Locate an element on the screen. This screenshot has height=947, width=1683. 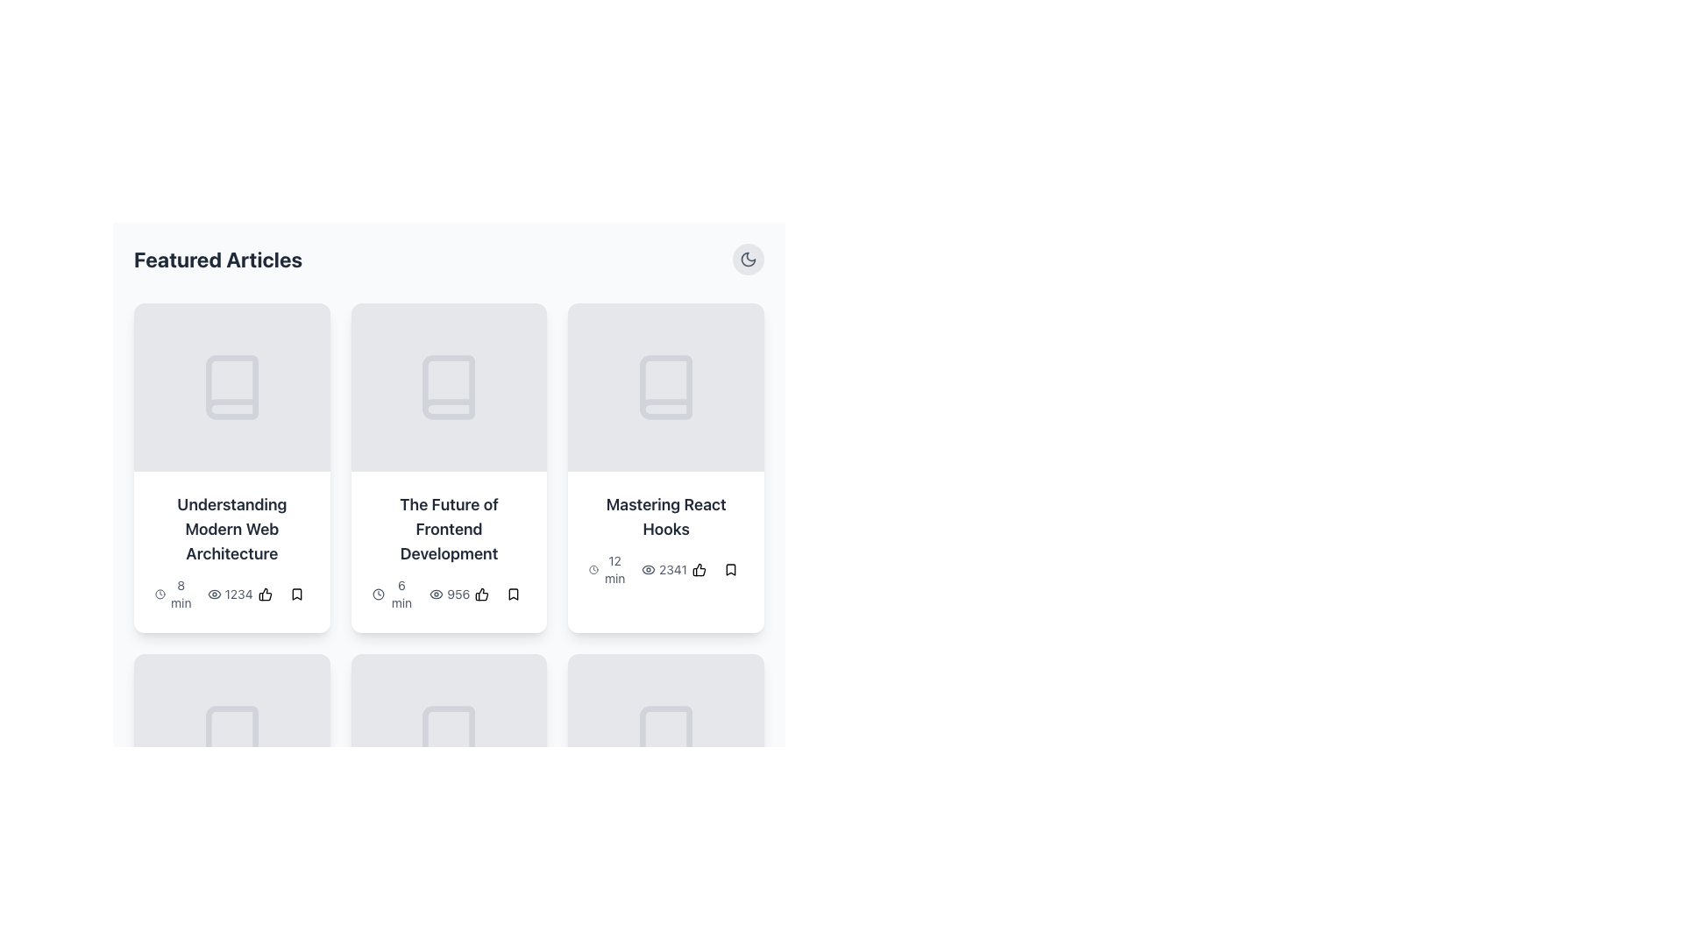
the graphical representation of the book icon, which symbolizes 'The Future of Frontend Development', located in the center of the second card in the first row of the grid is located at coordinates (449, 387).